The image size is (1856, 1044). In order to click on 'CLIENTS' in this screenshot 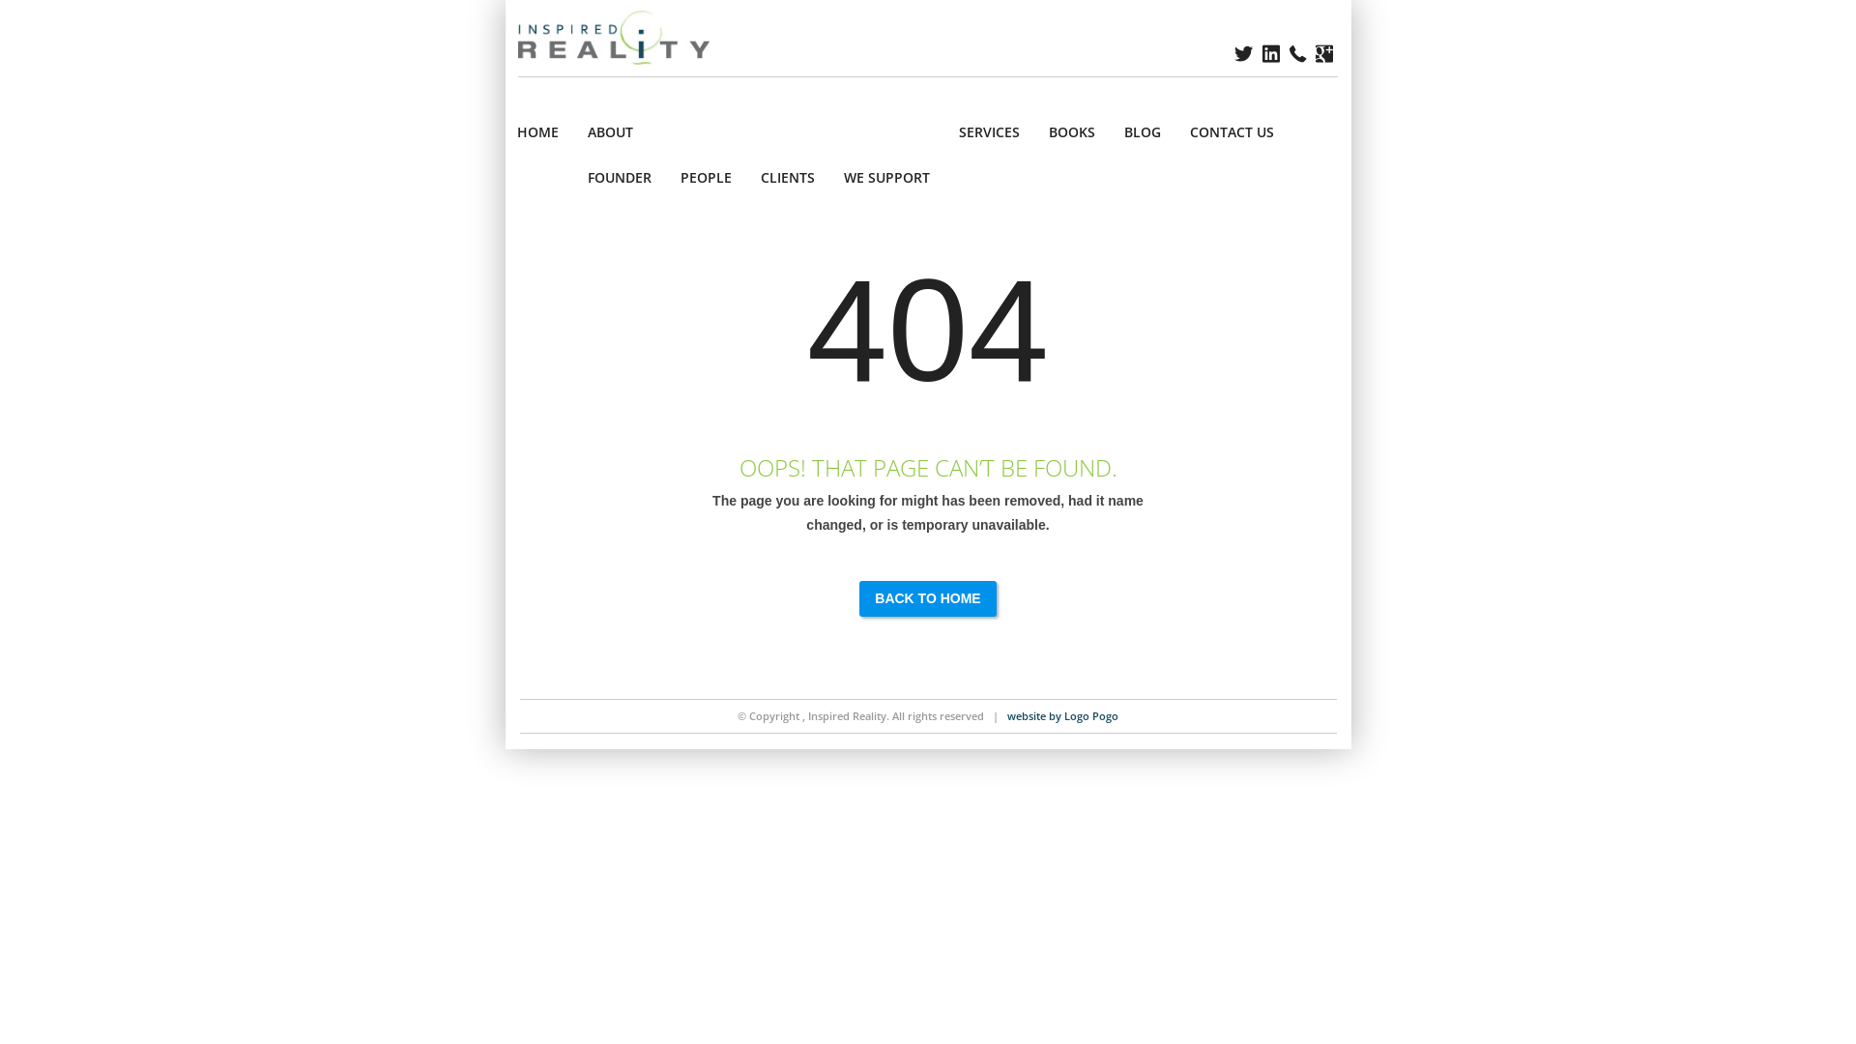, I will do `click(788, 177)`.